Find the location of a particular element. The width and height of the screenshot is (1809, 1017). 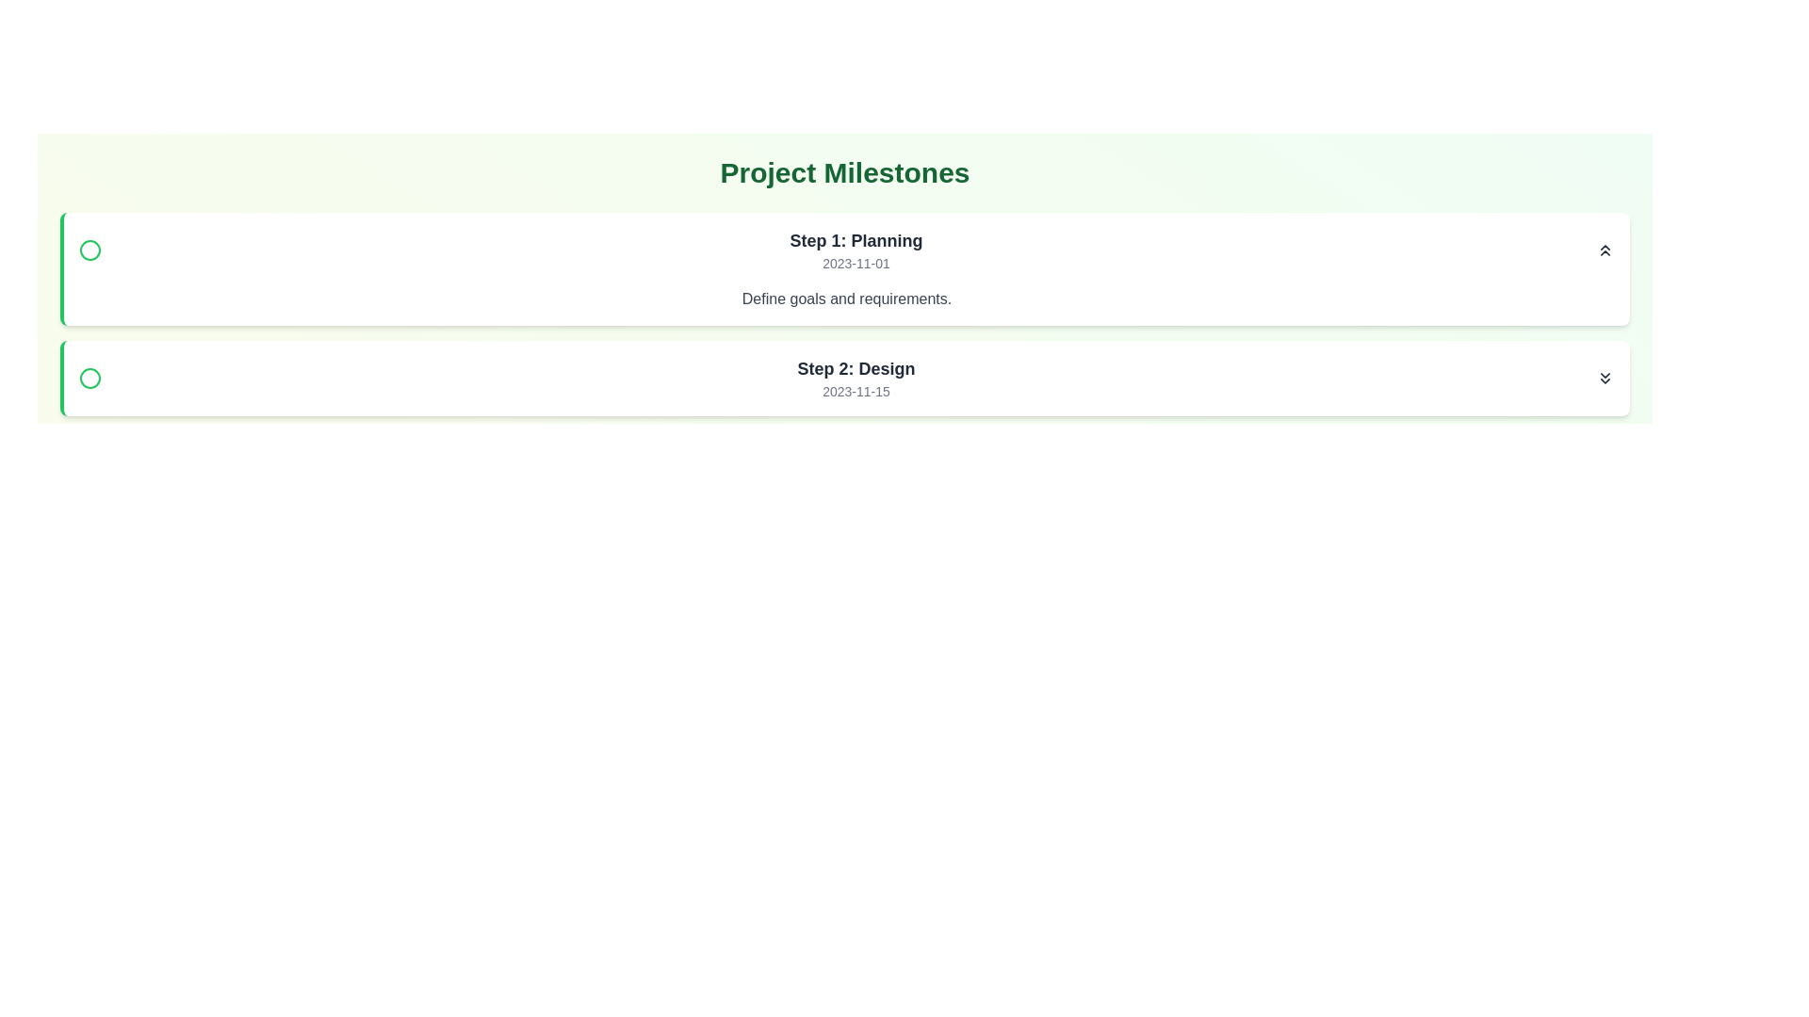

title and date displayed in the first milestone card under the 'Project Milestones' heading, positioned right after a green circular icon is located at coordinates (855, 250).